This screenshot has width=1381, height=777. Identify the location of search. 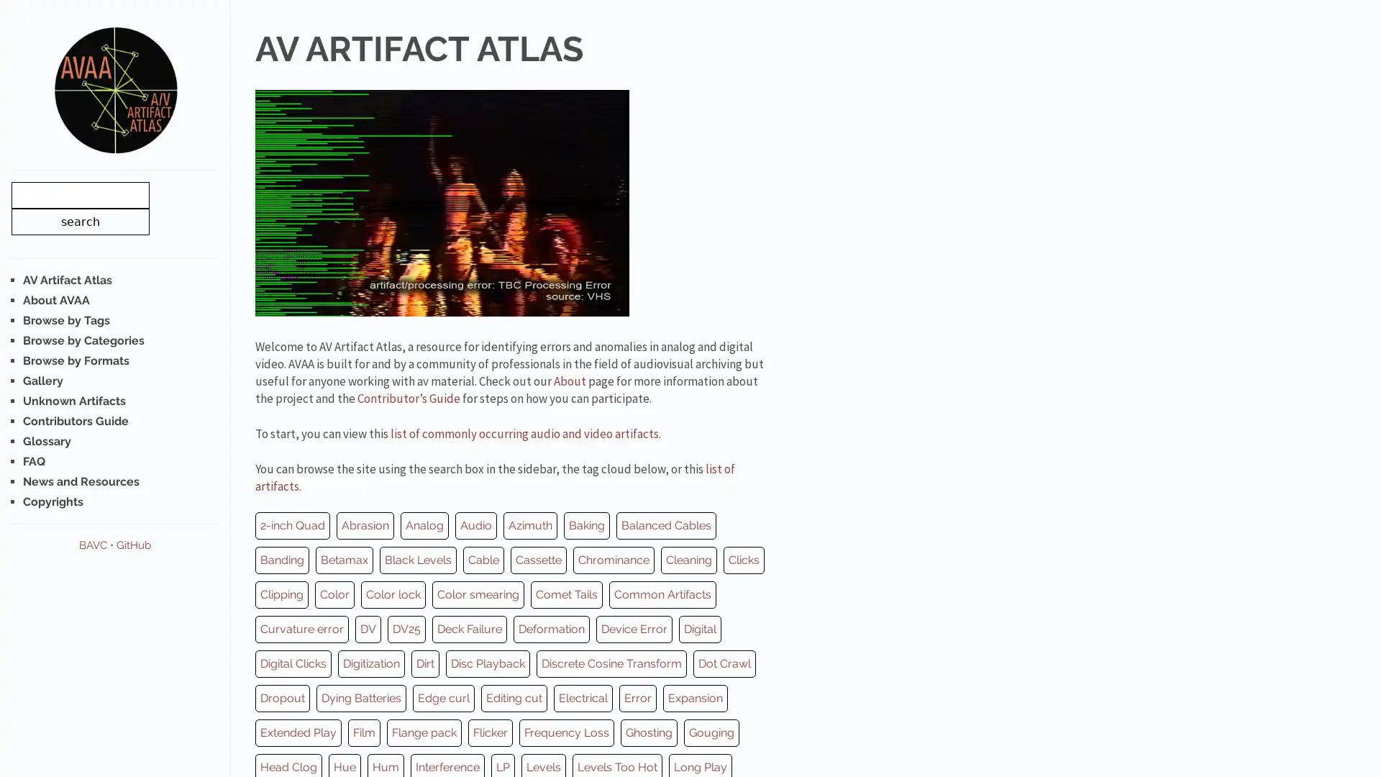
(79, 221).